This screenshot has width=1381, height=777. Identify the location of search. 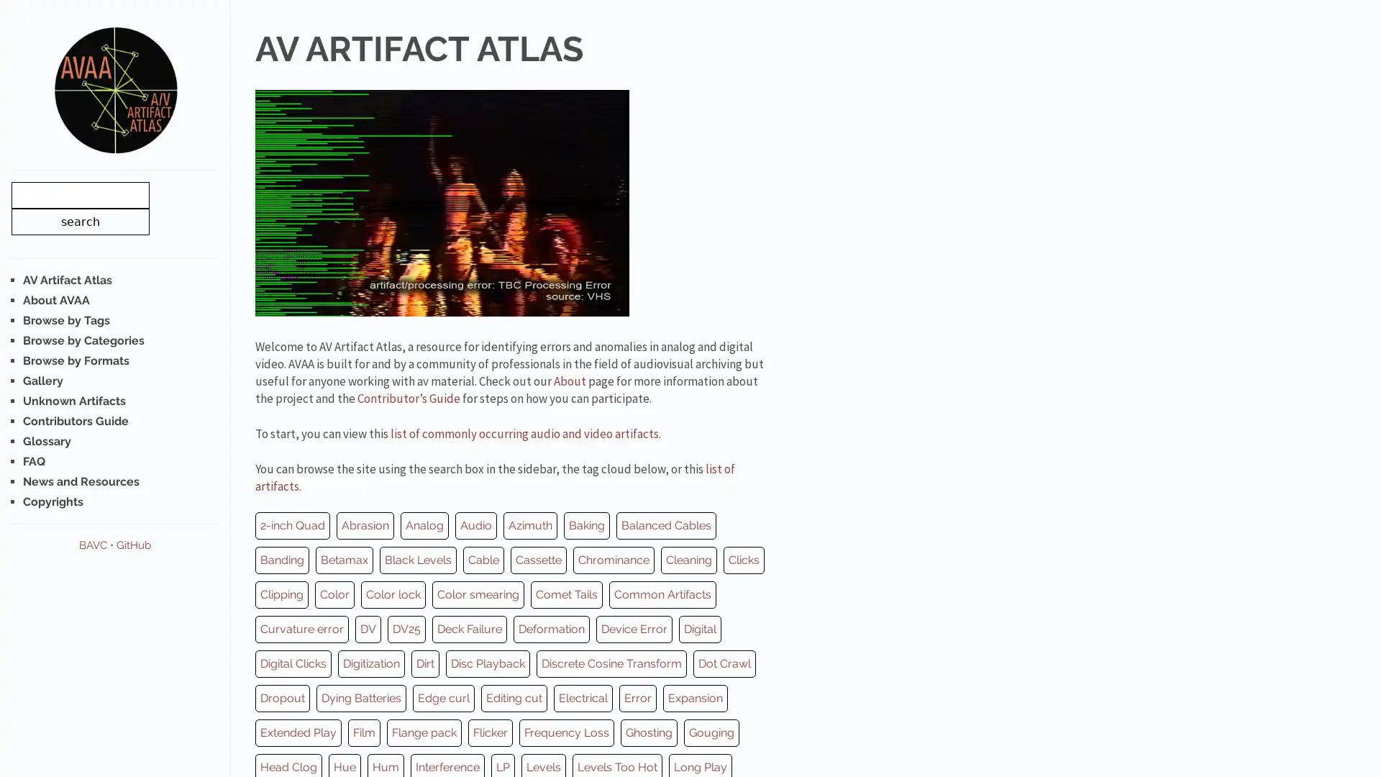
(79, 221).